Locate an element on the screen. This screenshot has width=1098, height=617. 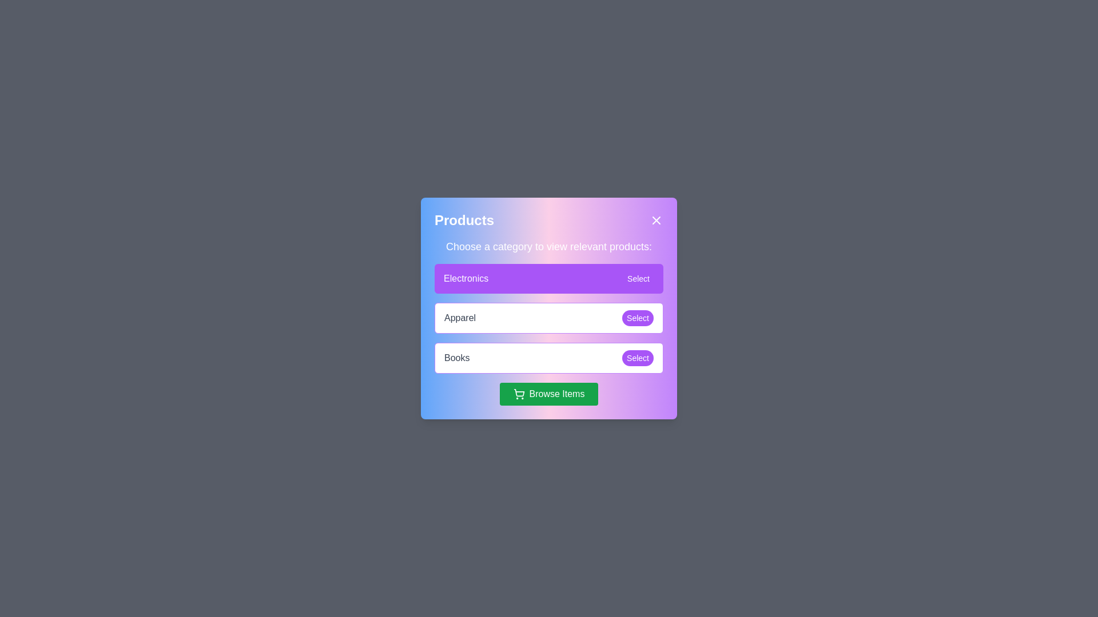
'Select' button next to 'Apparel' to select the category is located at coordinates (636, 318).